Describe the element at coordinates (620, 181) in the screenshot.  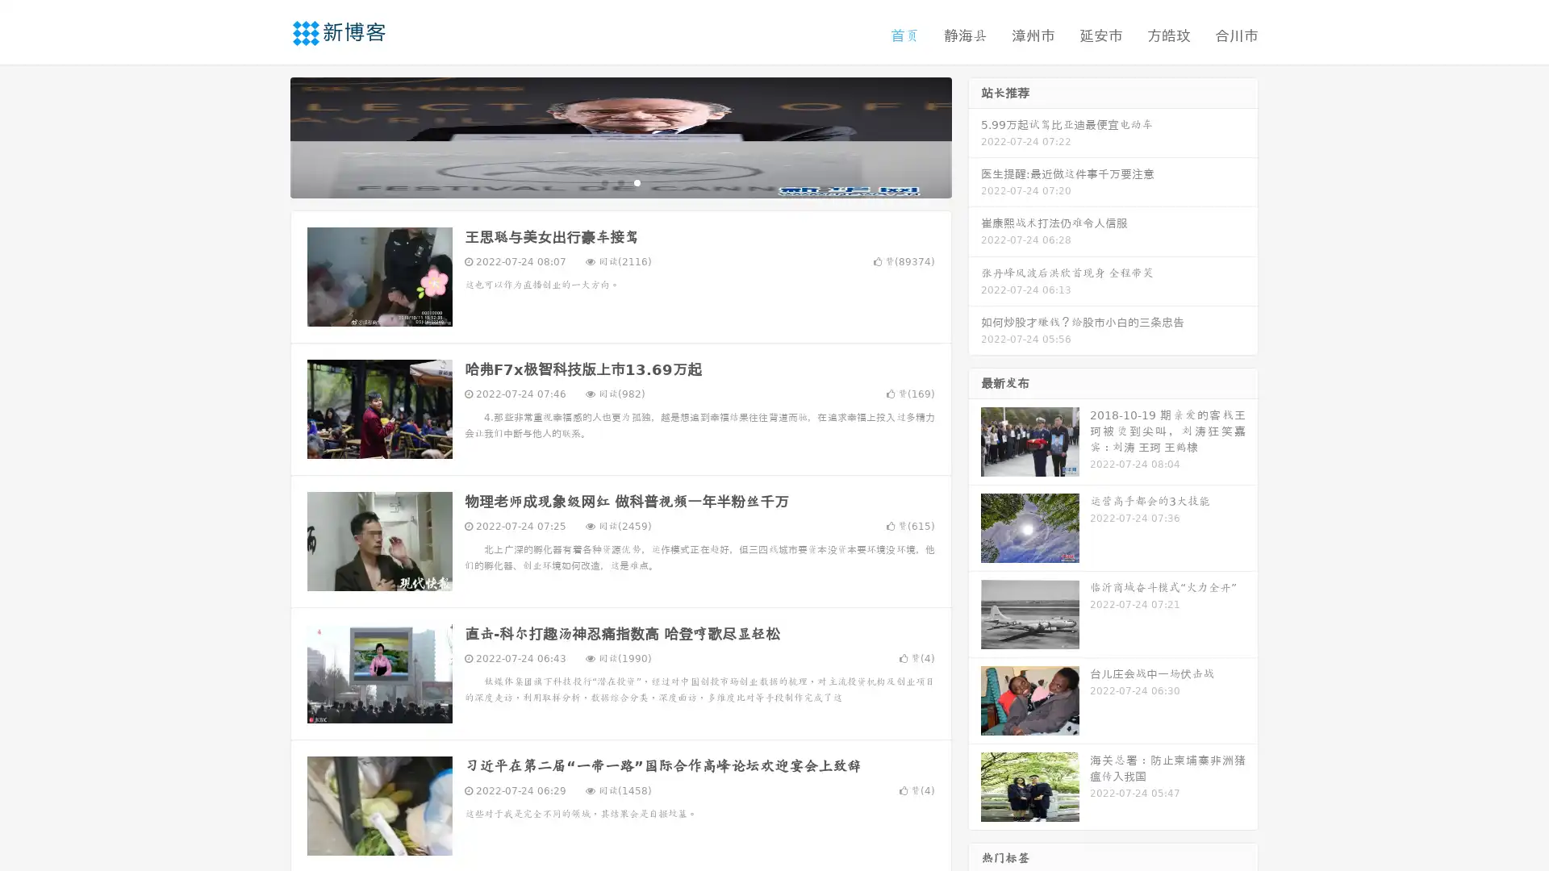
I see `Go to slide 2` at that location.